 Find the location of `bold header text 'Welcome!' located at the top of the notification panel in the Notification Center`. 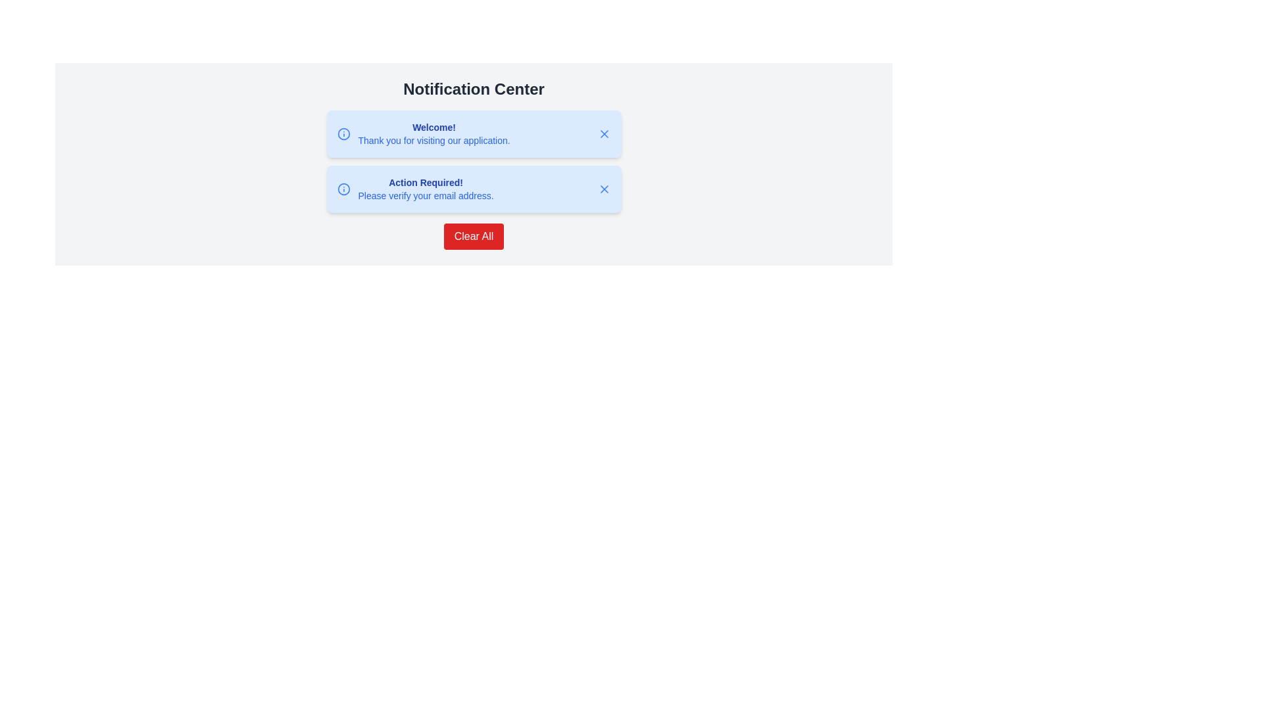

bold header text 'Welcome!' located at the top of the notification panel in the Notification Center is located at coordinates (434, 127).